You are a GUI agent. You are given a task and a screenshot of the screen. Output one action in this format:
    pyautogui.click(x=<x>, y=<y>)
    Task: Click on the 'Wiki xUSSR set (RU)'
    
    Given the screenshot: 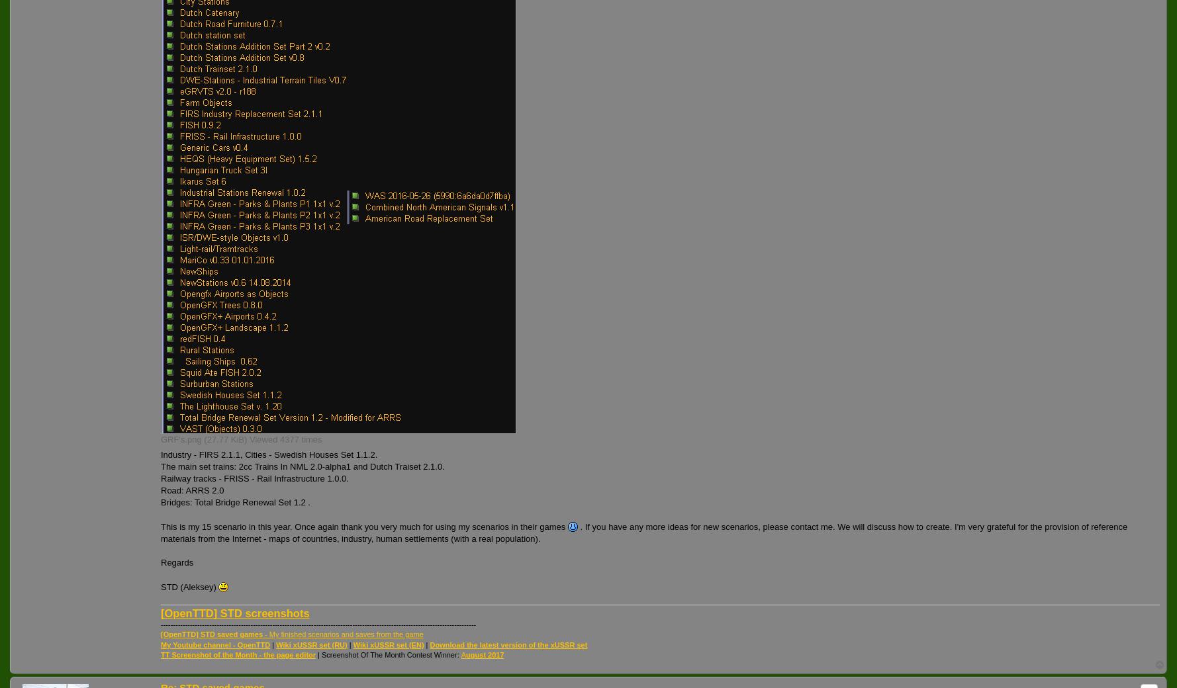 What is the action you would take?
    pyautogui.click(x=310, y=644)
    